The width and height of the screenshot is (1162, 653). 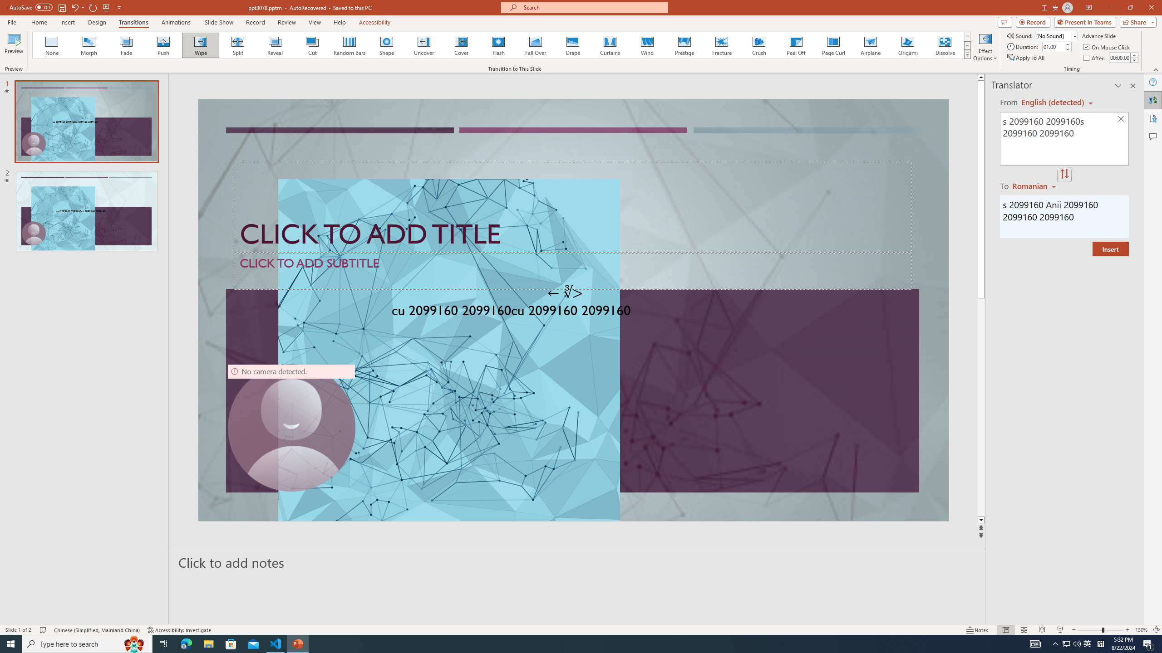 I want to click on 'Transition Effects', so click(x=967, y=54).